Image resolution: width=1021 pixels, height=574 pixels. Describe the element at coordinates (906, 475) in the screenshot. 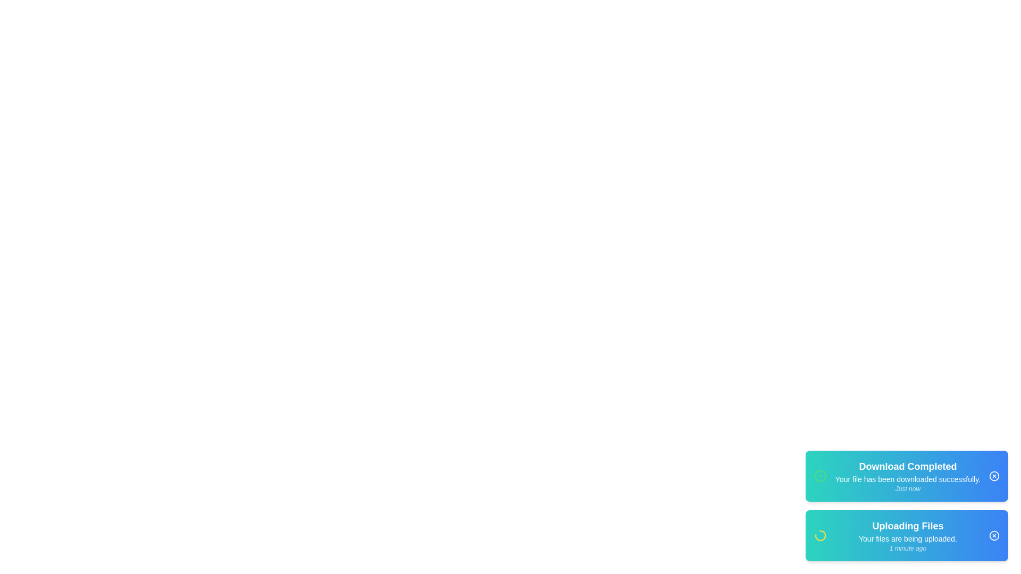

I see `the notification card to read its details` at that location.